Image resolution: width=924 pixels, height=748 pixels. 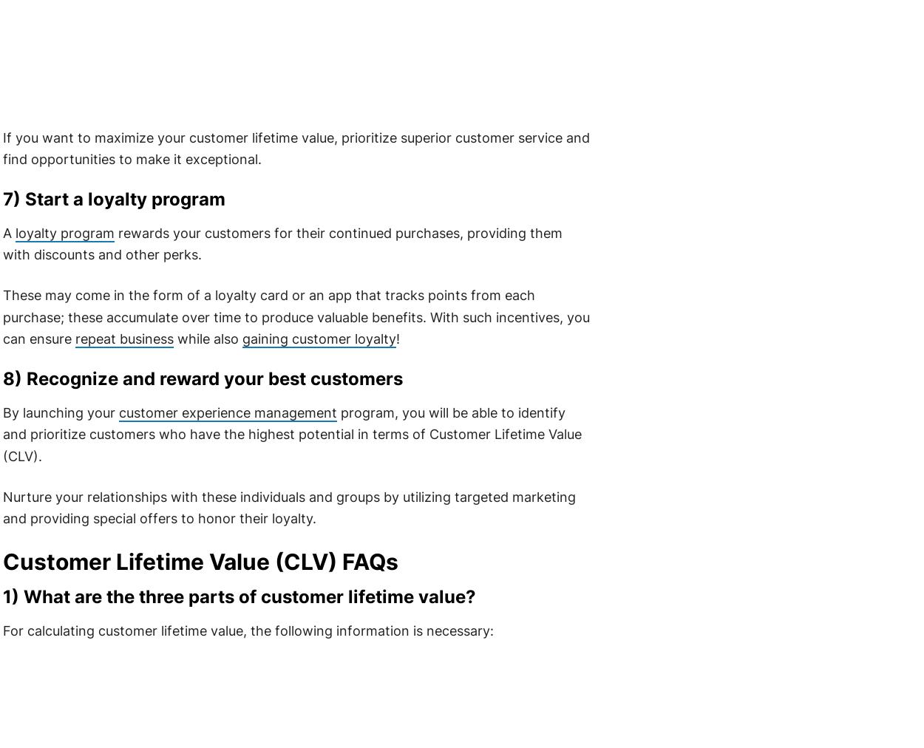 I want to click on 'Customer Lifetime Value (CLV) FAQs', so click(x=200, y=561).